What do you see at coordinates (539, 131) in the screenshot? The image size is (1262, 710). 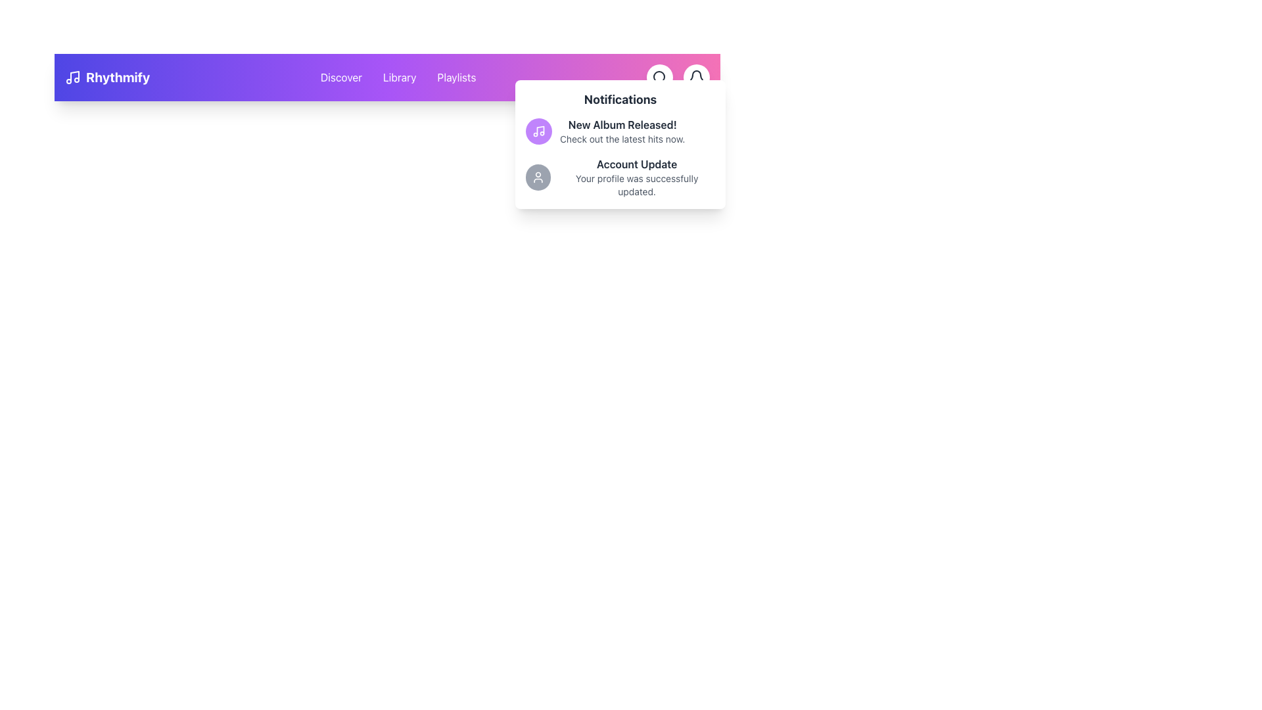 I see `the music notification icon located in the top-right corner of the notification dropdown, next to the 'New Album Released!' text label` at bounding box center [539, 131].